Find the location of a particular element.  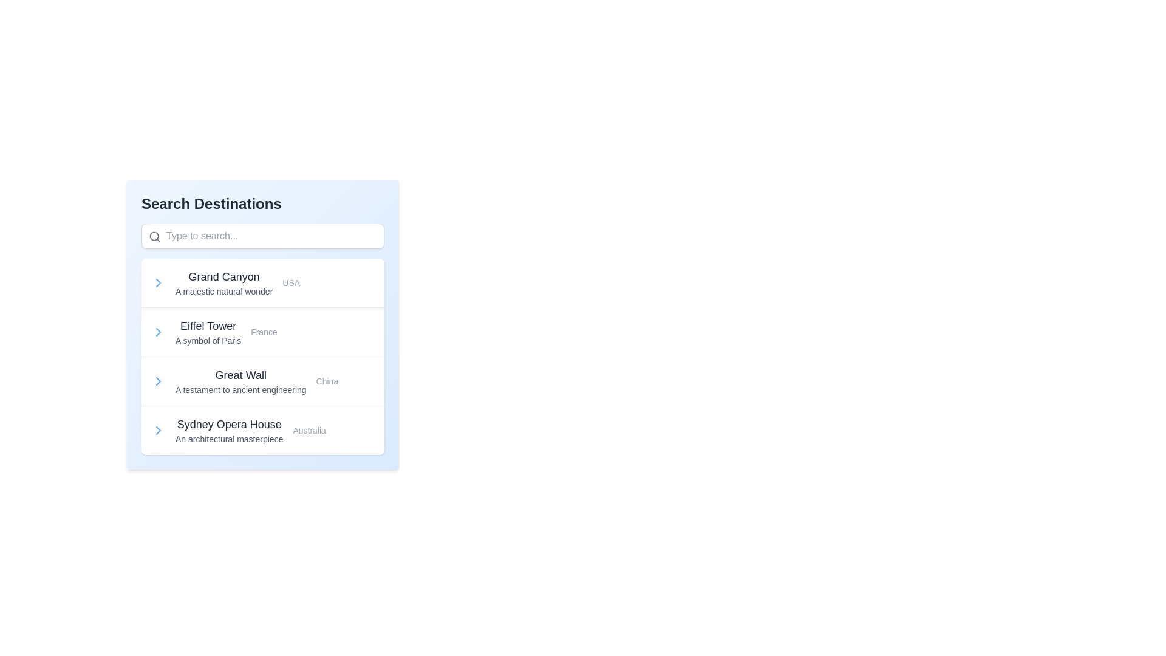

the text label displaying 'Australia' in gray, small-sized font, which is aligned to the right side of the layout next to the descriptive text about the Sydney Opera House is located at coordinates (309, 430).